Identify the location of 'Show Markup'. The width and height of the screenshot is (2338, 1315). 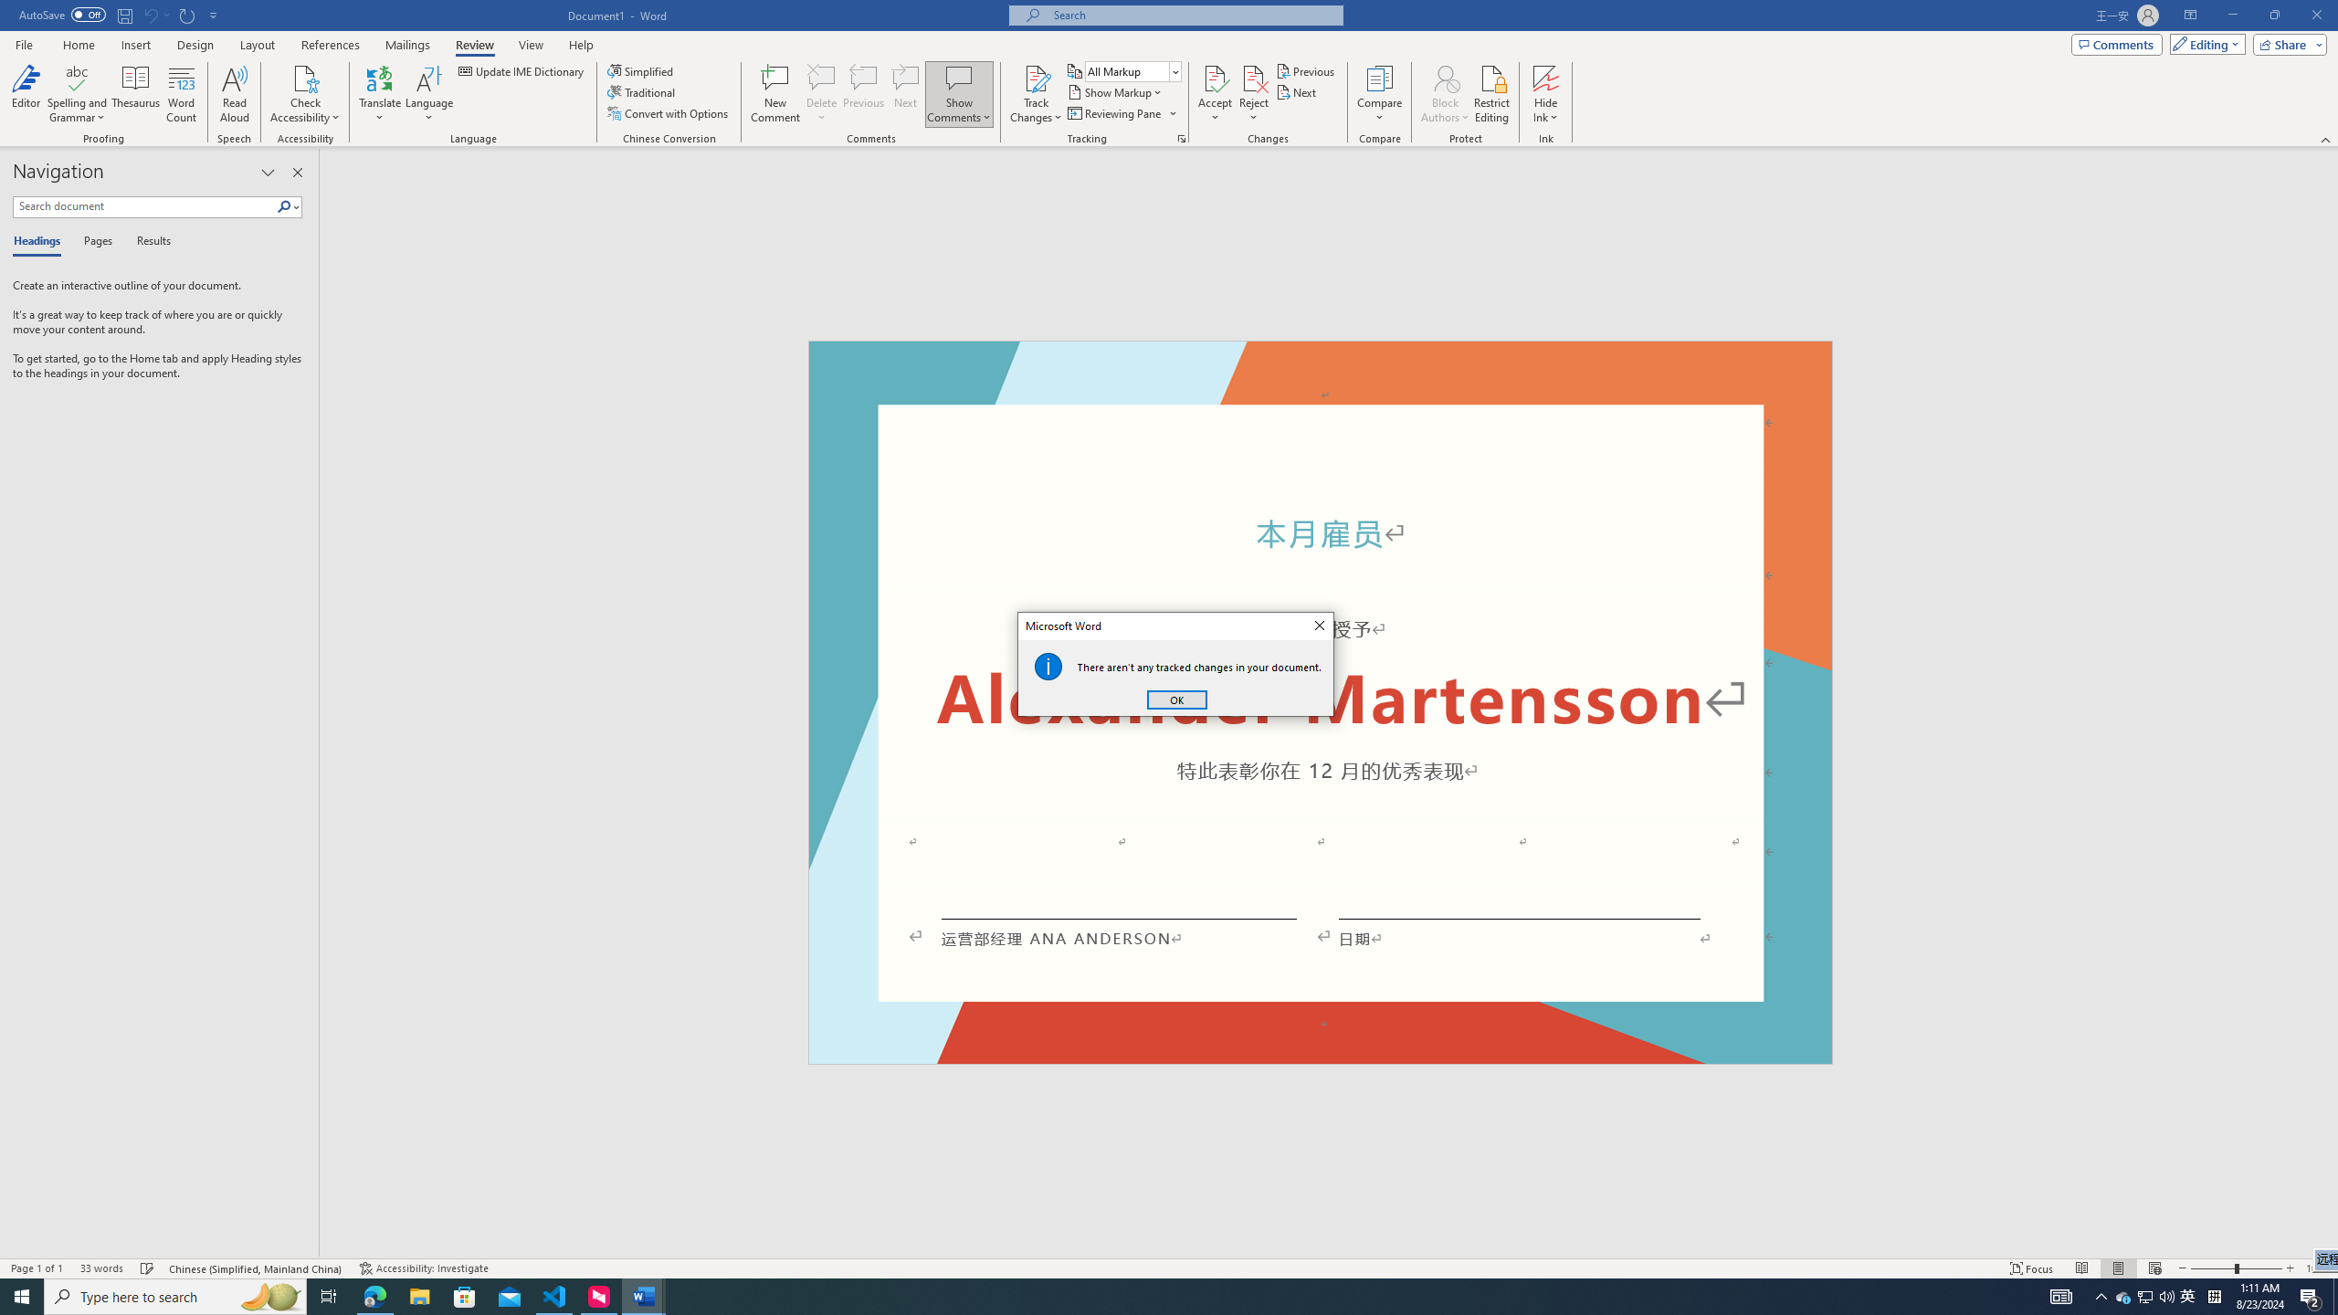
(1116, 90).